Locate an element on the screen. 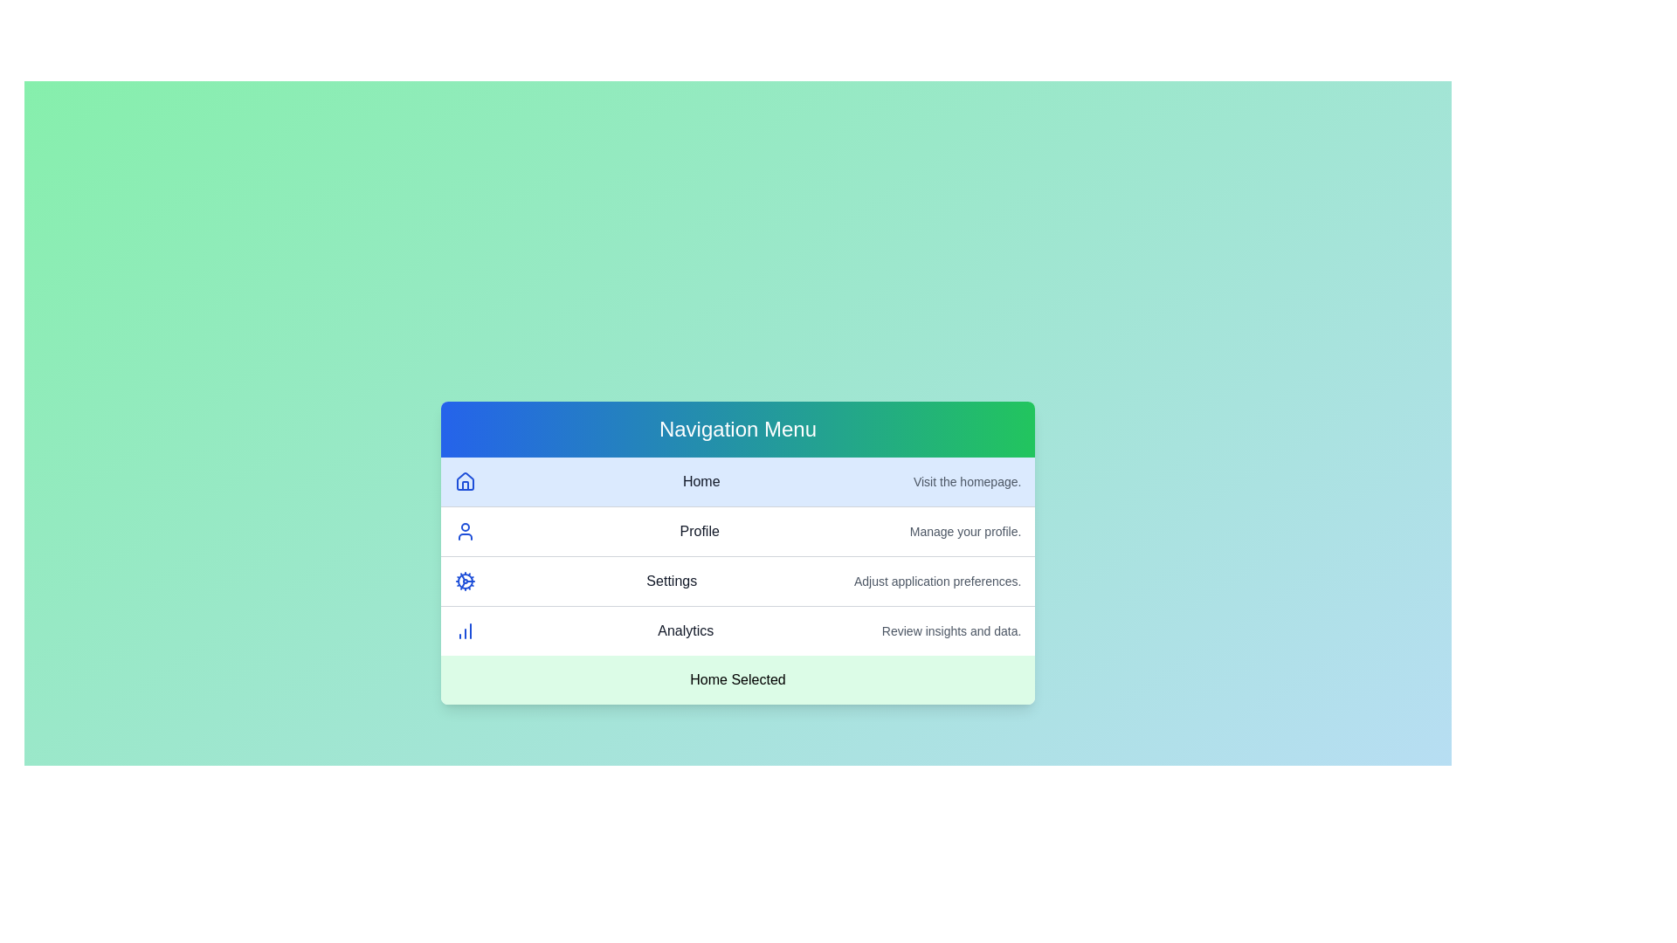  the footer text of the AdvancedMenu component is located at coordinates (737, 678).